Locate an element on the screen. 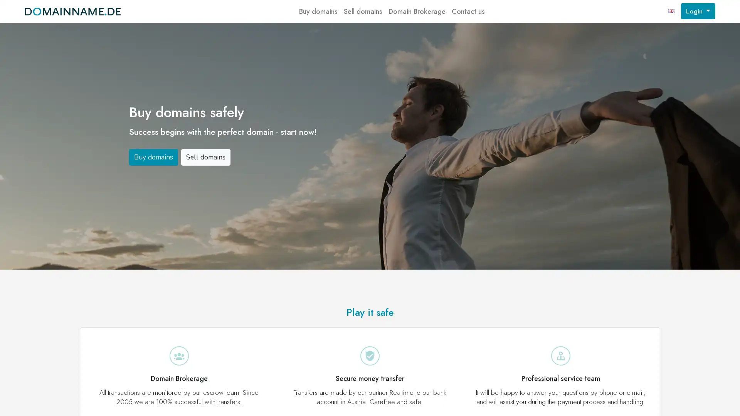  Login is located at coordinates (698, 11).